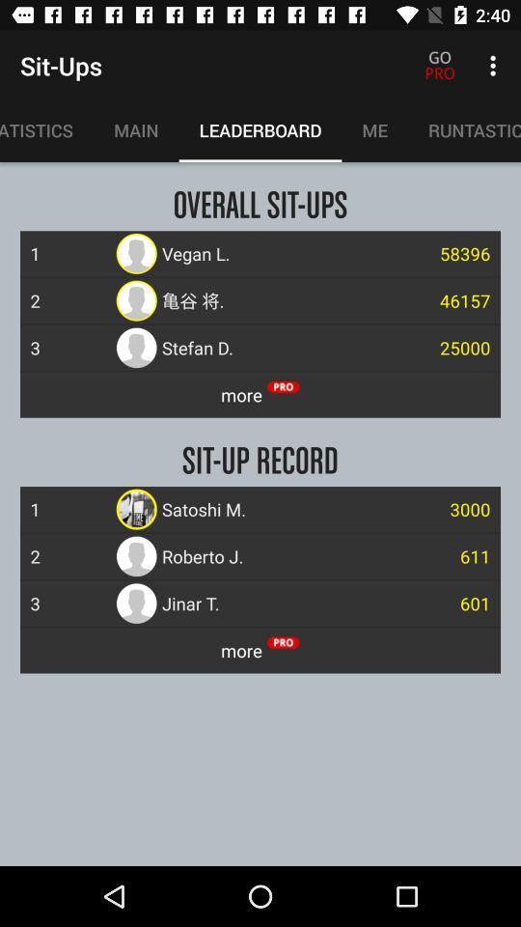  Describe the element at coordinates (46, 129) in the screenshot. I see `item above the 1 item` at that location.